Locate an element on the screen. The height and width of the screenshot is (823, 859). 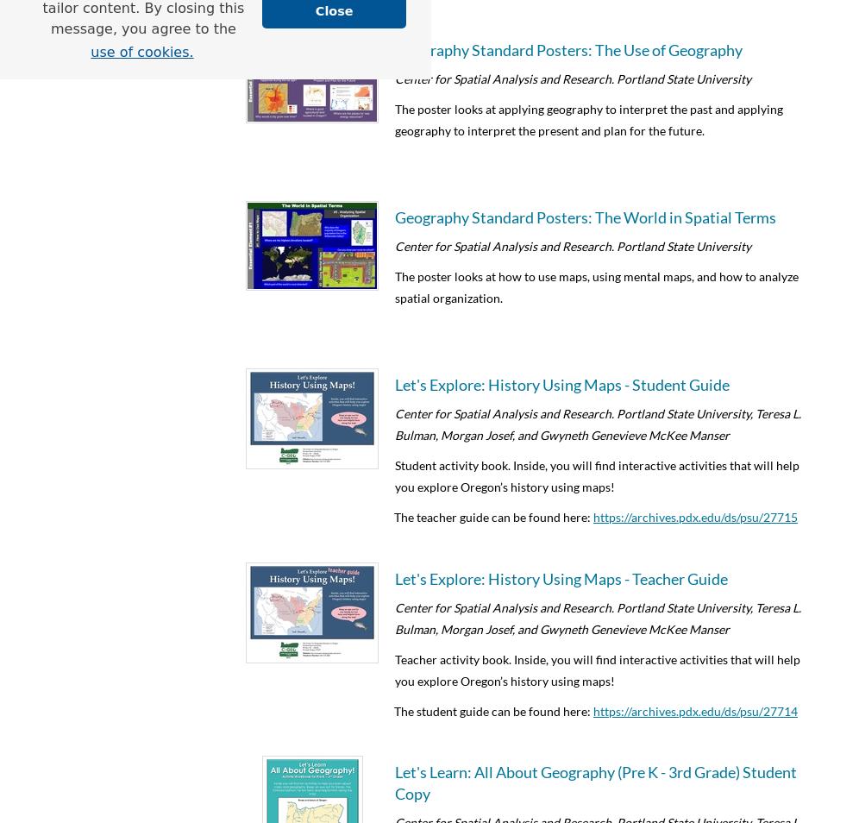
'The poster looks at applying geography to interpret the past and applying geography to interpret the present and plan for the future.' is located at coordinates (588, 118).